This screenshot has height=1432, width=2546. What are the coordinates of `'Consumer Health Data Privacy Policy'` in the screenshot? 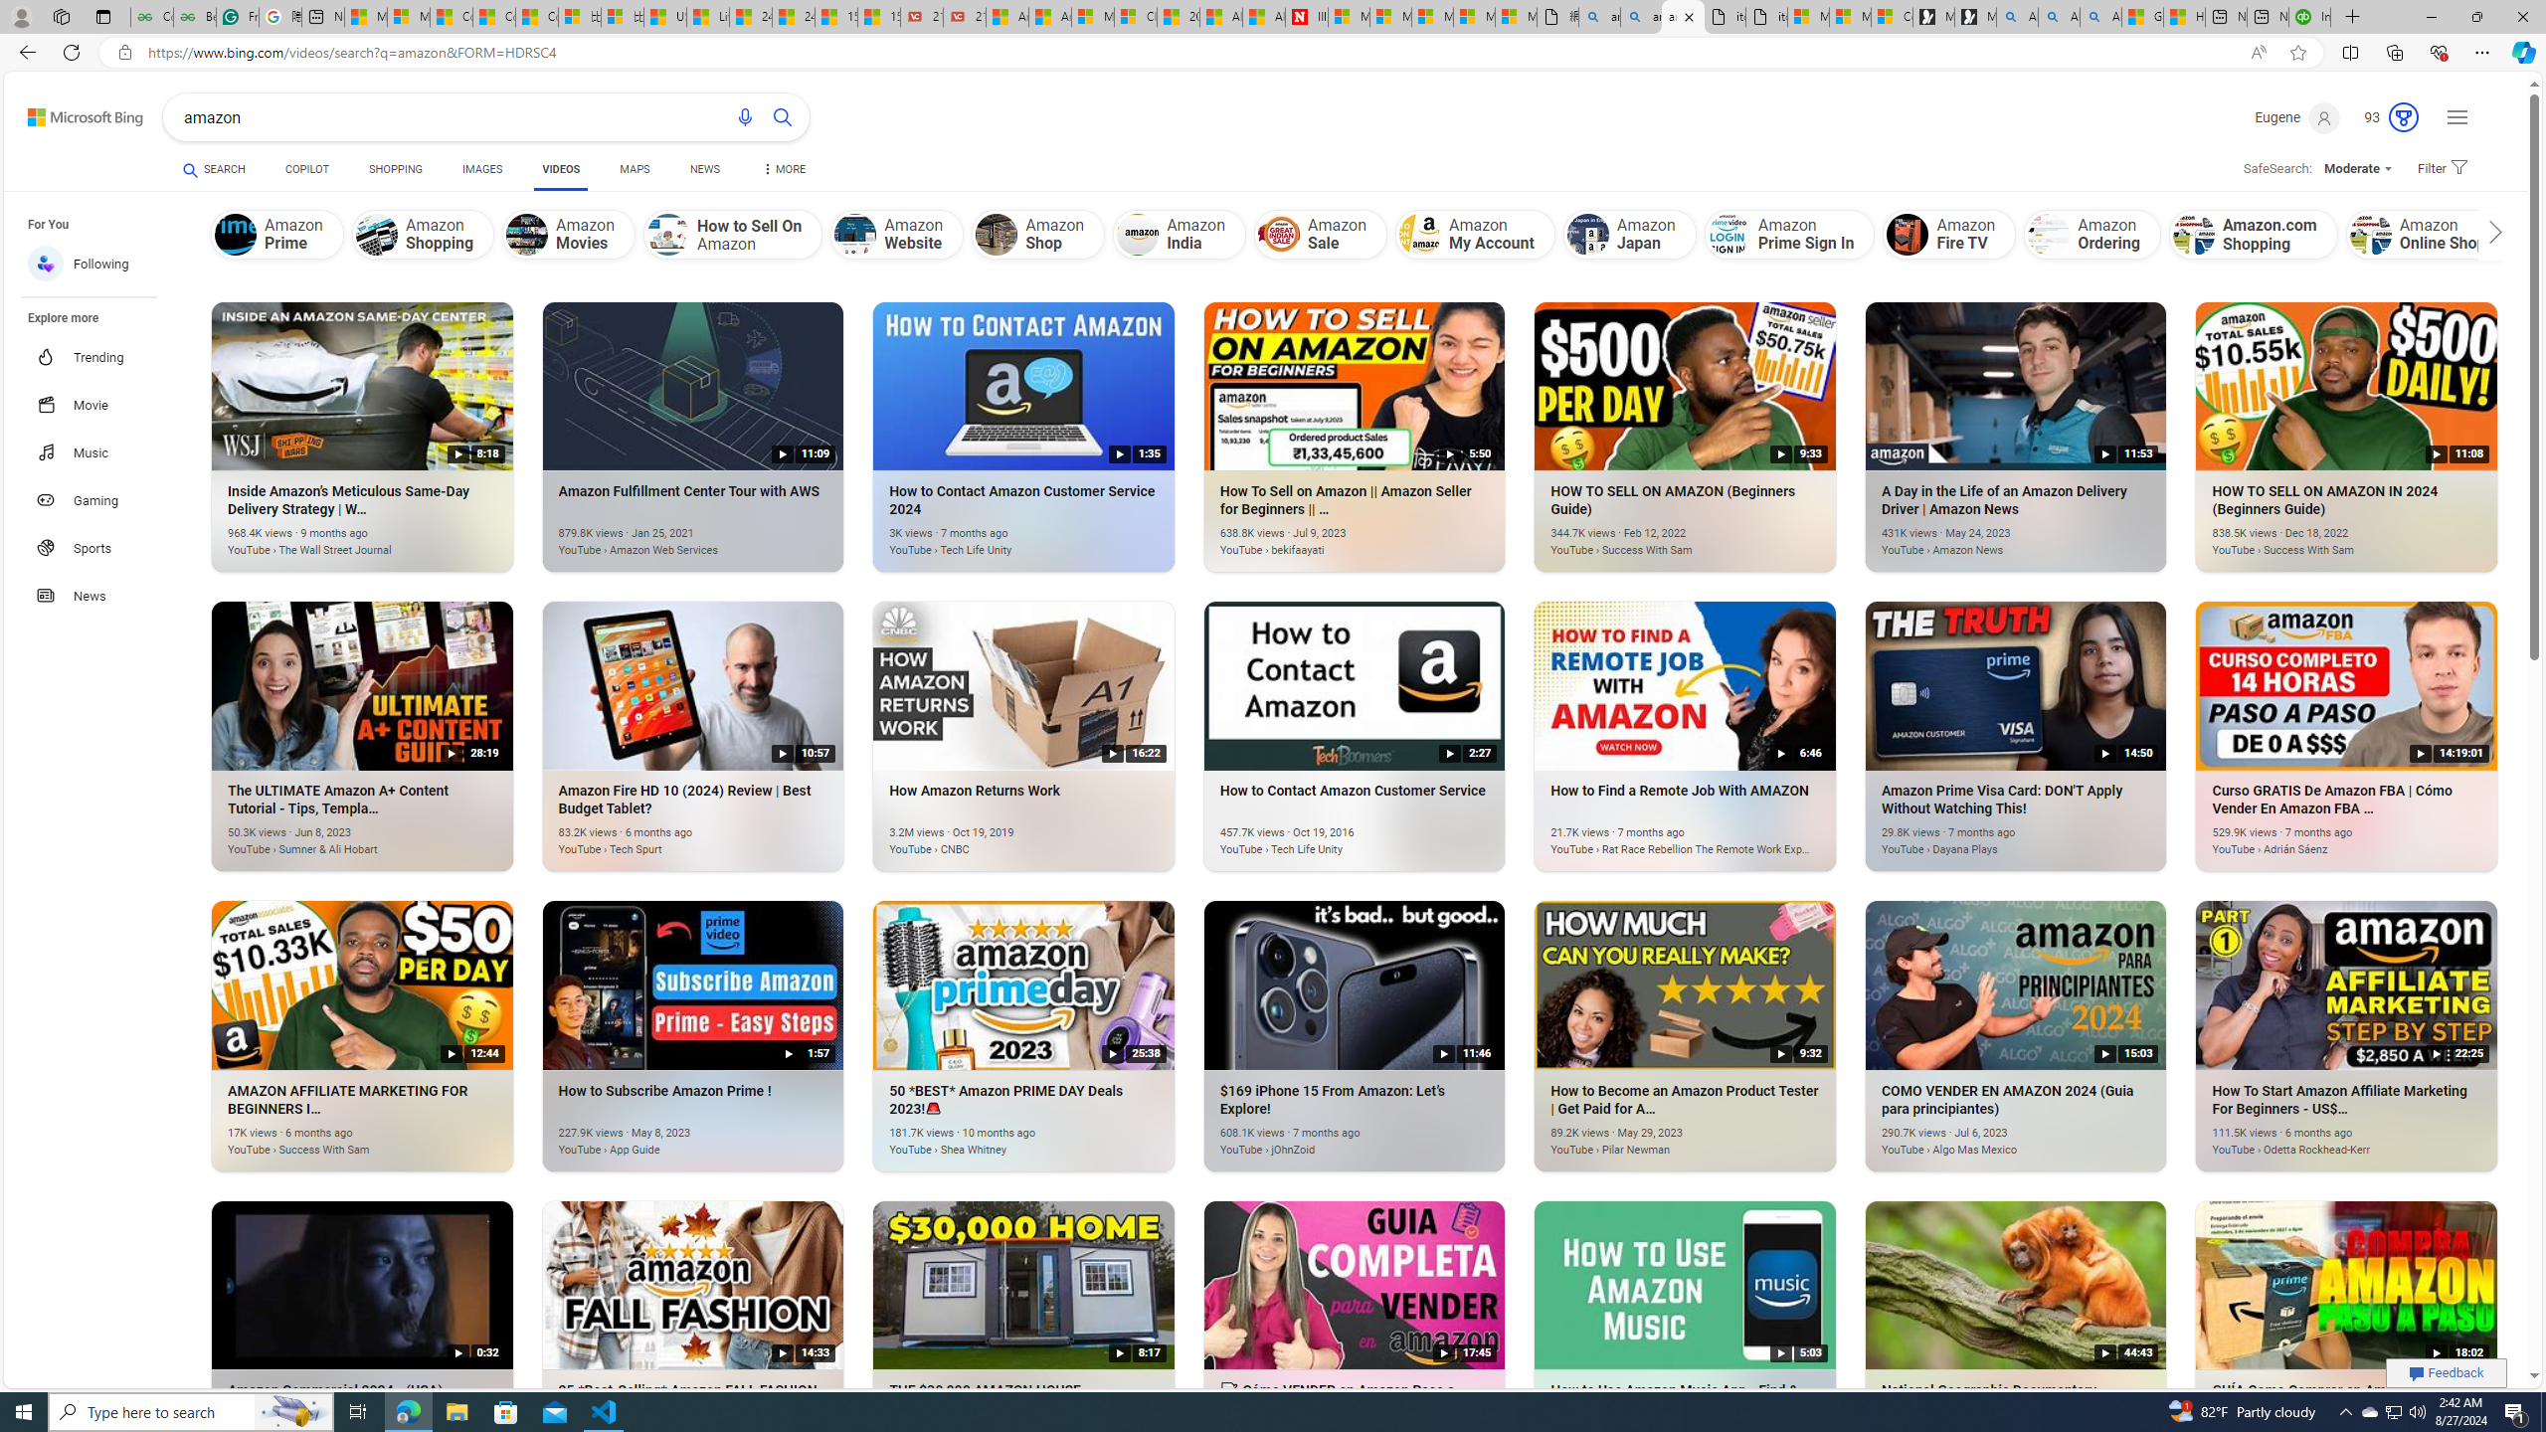 It's located at (1893, 16).